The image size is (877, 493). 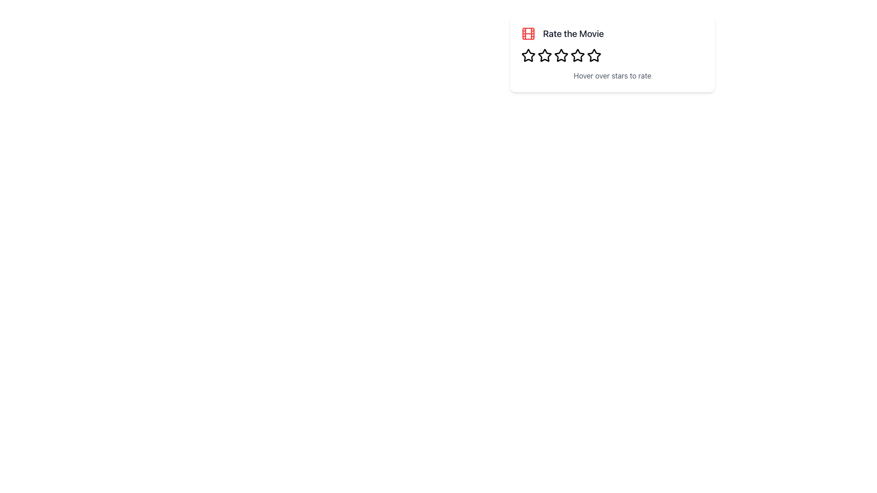 I want to click on the fifth rating star in the rating scale located beneath the 'Rate the Movie' title and above the 'Hover over stars to rate' instruction, so click(x=594, y=56).